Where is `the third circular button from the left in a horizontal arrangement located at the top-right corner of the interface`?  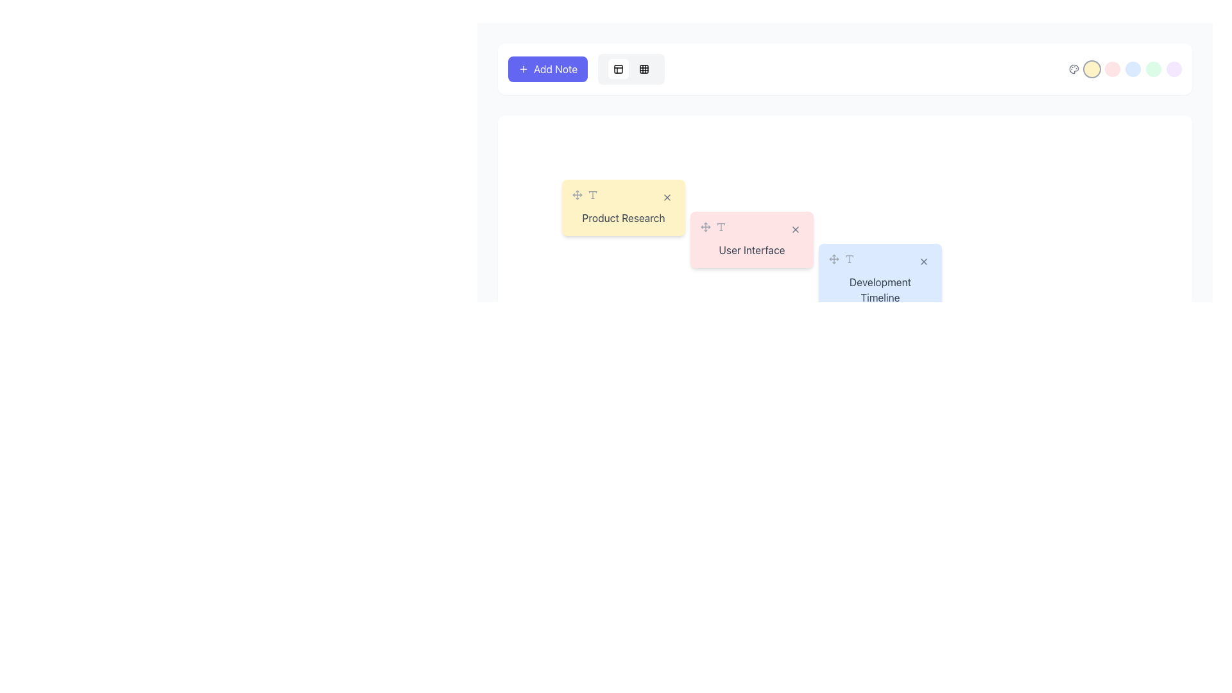 the third circular button from the left in a horizontal arrangement located at the top-right corner of the interface is located at coordinates (1111, 69).